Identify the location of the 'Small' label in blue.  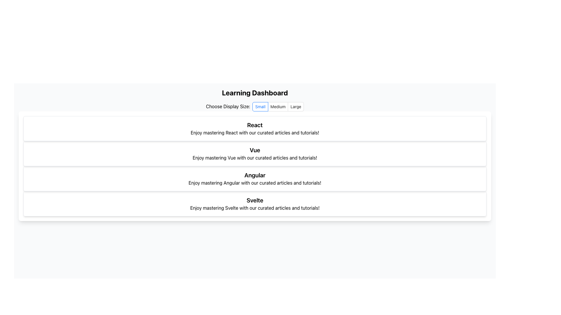
(260, 106).